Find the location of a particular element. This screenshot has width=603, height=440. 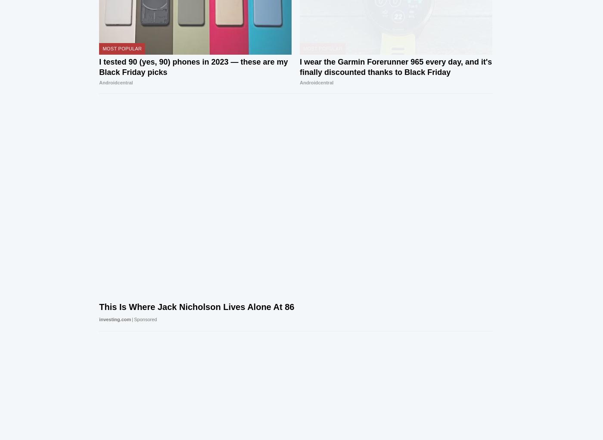

'Android Central is part of Future plc, an international media group and leading digital publisher.' is located at coordinates (254, 369).